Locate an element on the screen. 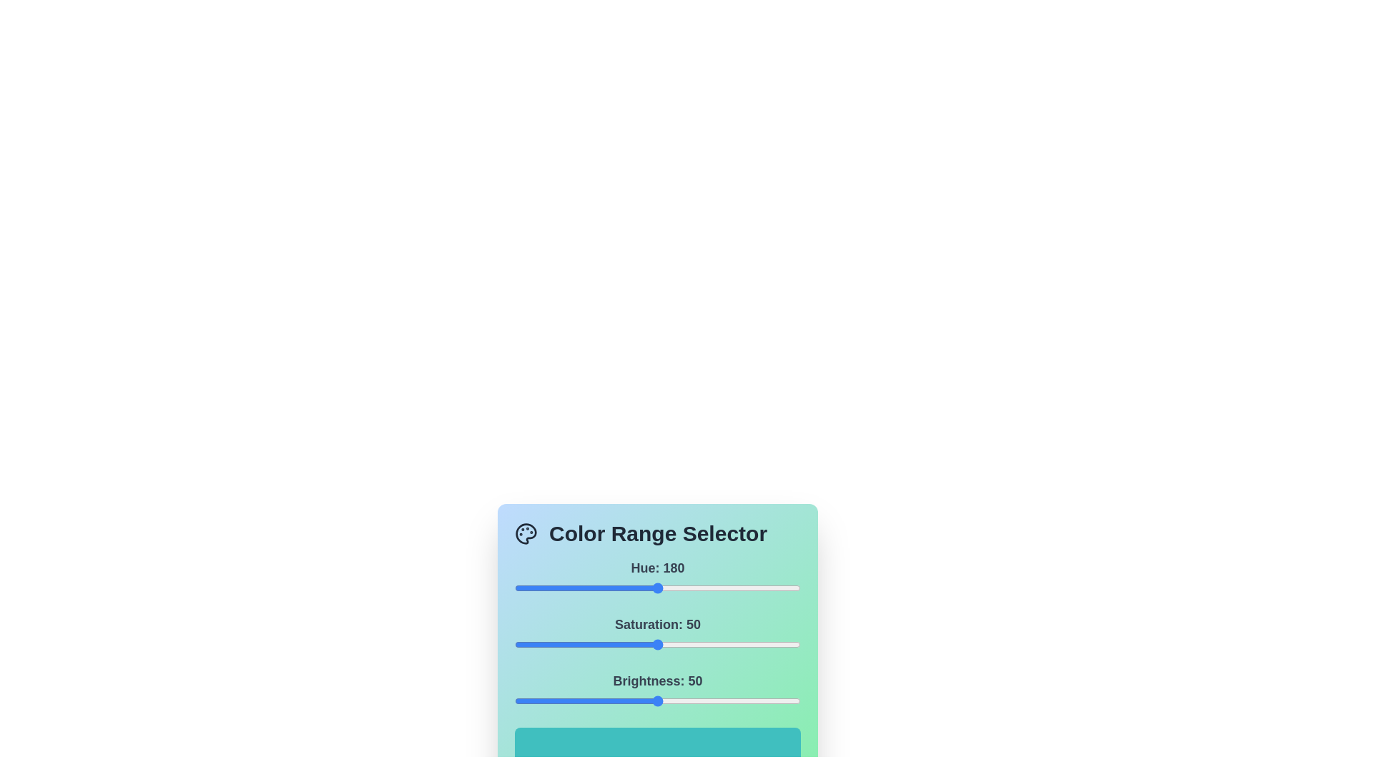 The width and height of the screenshot is (1373, 772). the brightness slider to set the brightness value to 66 is located at coordinates (703, 700).